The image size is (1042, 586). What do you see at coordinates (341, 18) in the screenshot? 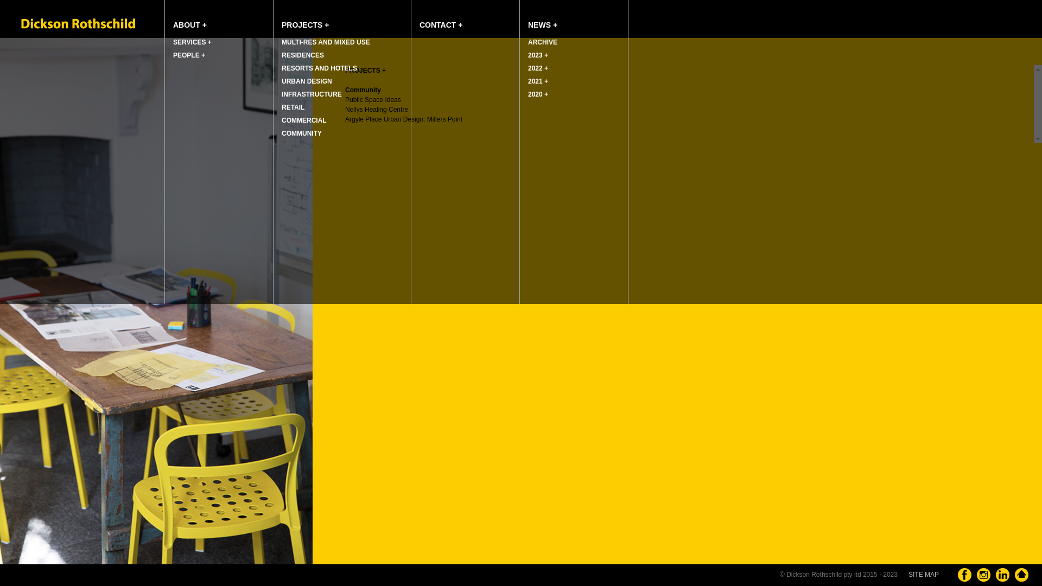
I see `'PROJECTS +'` at bounding box center [341, 18].